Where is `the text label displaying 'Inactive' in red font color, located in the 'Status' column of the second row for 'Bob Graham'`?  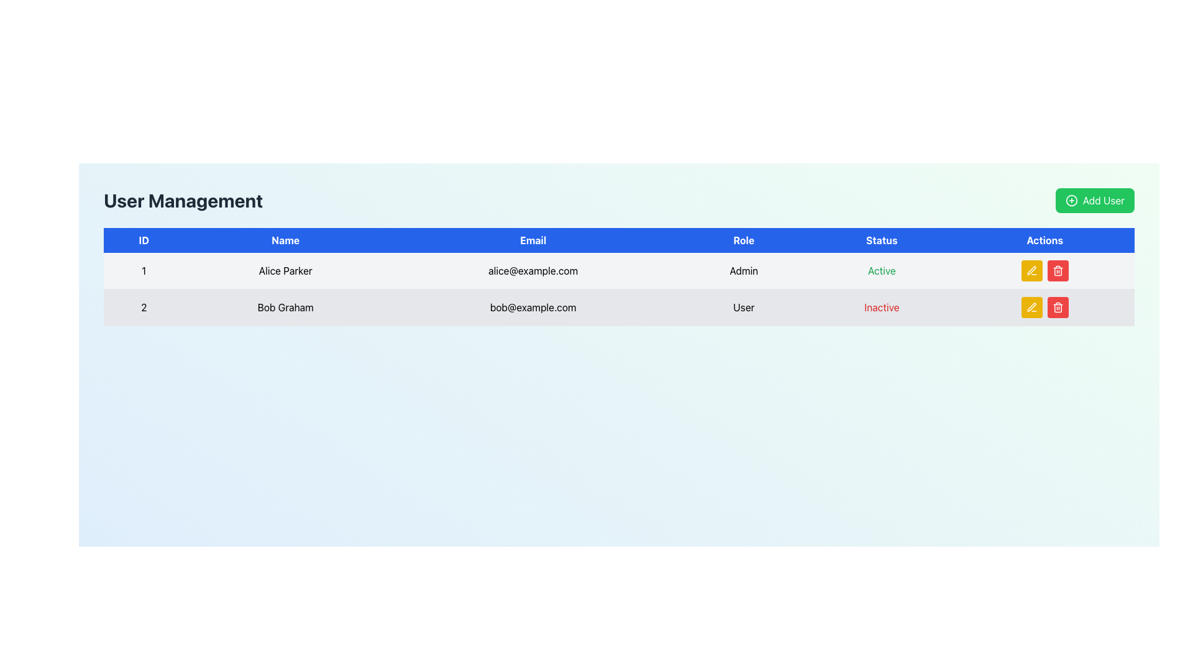 the text label displaying 'Inactive' in red font color, located in the 'Status' column of the second row for 'Bob Graham' is located at coordinates (881, 307).